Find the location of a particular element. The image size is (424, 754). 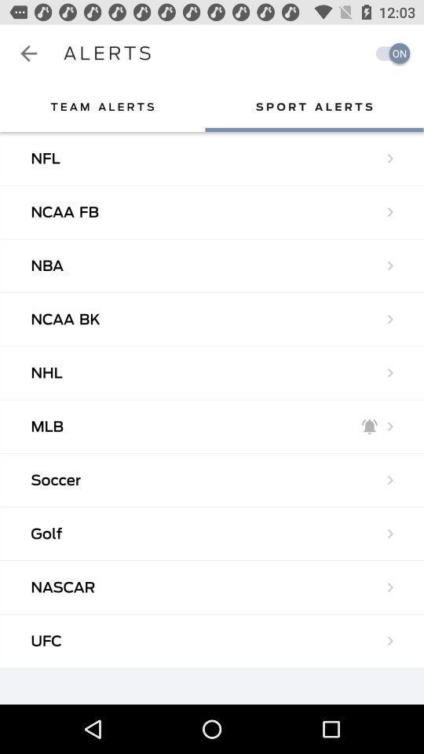

turn on alerts is located at coordinates (388, 53).